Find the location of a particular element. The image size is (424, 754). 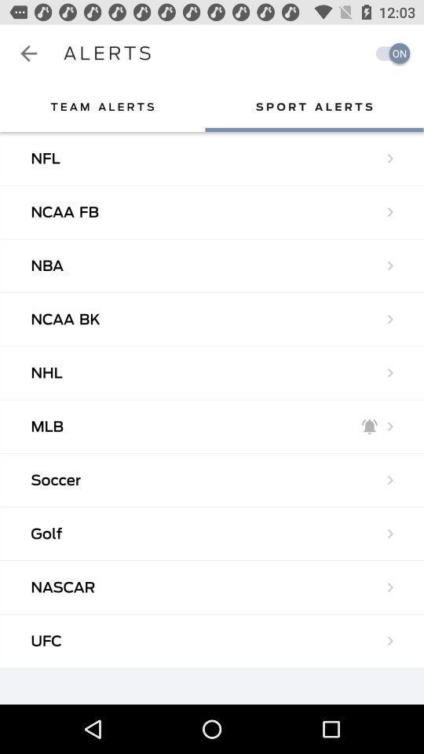

turn on alerts is located at coordinates (388, 53).